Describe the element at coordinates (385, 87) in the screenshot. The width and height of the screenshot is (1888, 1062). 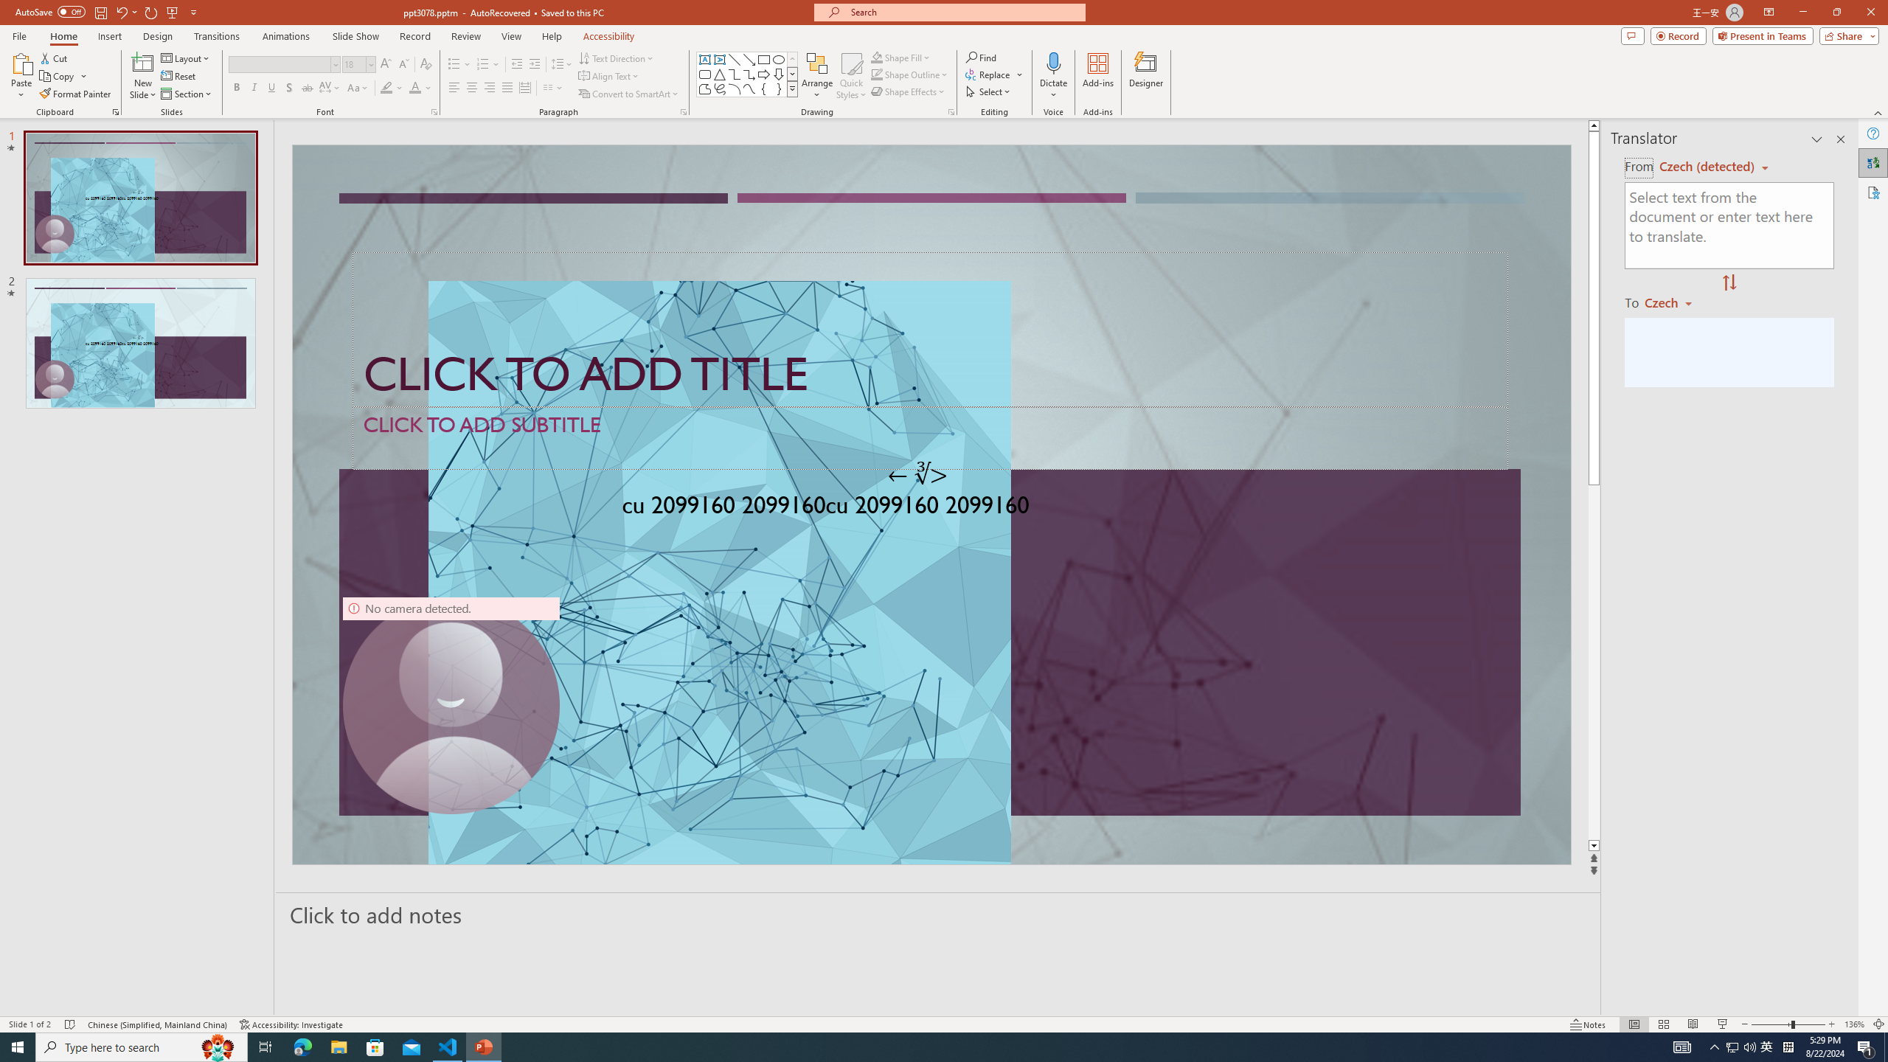
I see `'Text Highlight Color Yellow'` at that location.